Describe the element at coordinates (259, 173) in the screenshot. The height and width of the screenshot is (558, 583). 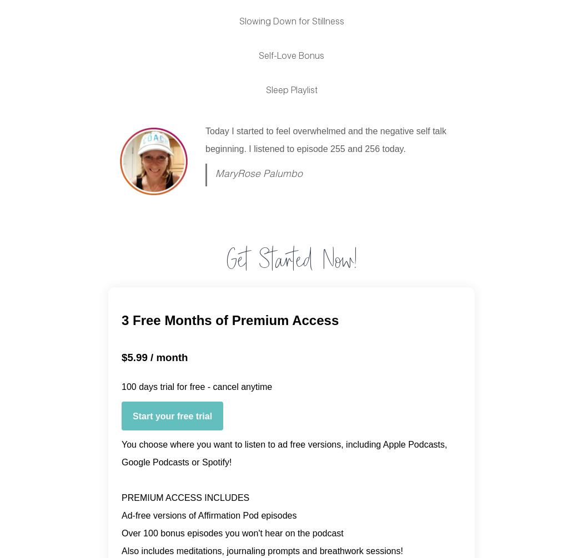
I see `'MaryRose Palumbo'` at that location.